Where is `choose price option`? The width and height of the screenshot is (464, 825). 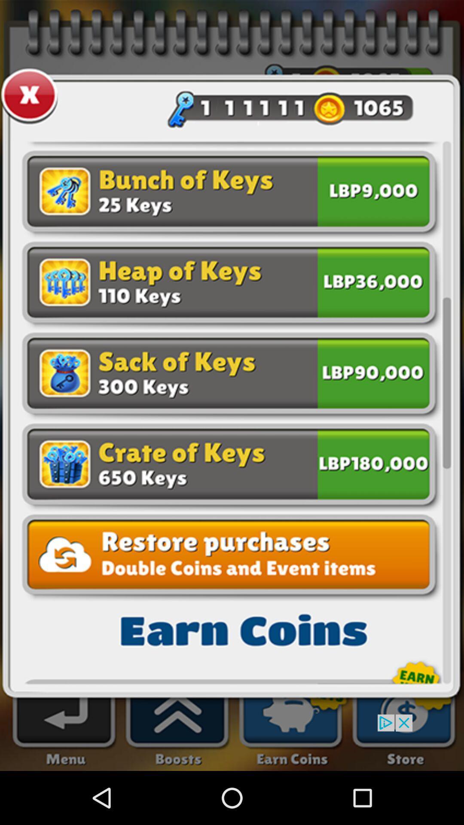
choose price option is located at coordinates (373, 462).